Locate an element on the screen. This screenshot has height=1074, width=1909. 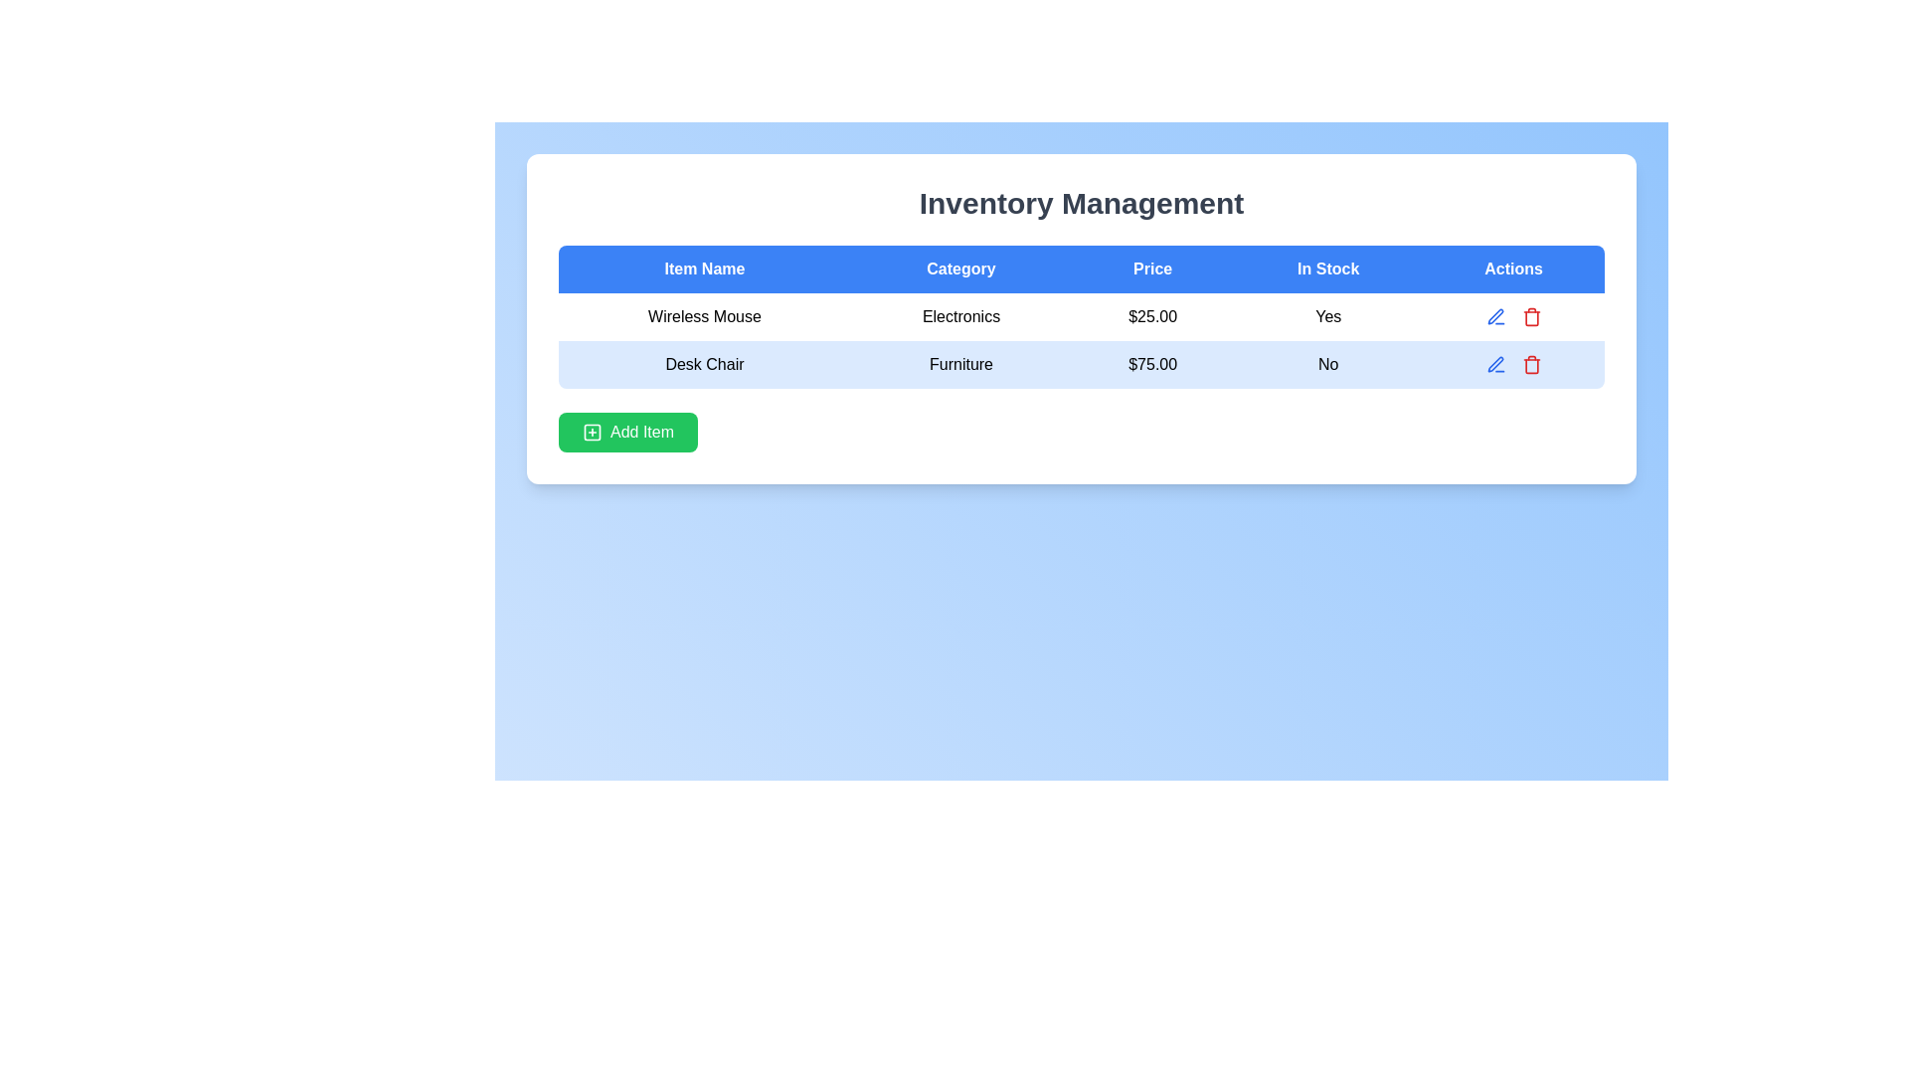
the blue pen icon button located in the 'Actions' column of the second row in the table is located at coordinates (1495, 364).